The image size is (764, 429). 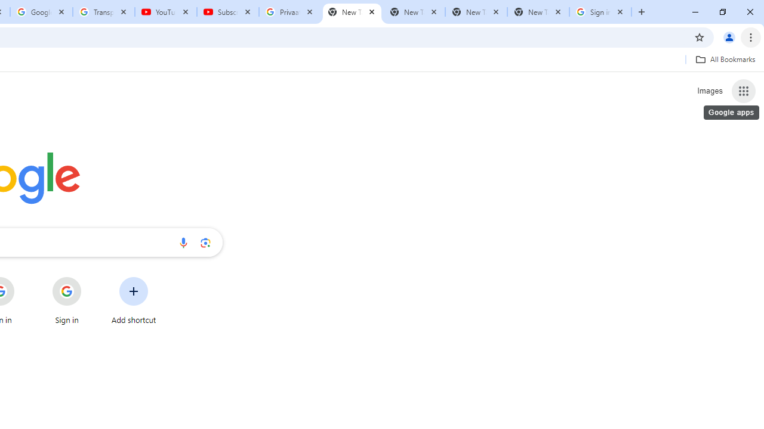 What do you see at coordinates (600, 12) in the screenshot?
I see `'Sign in - Google Accounts'` at bounding box center [600, 12].